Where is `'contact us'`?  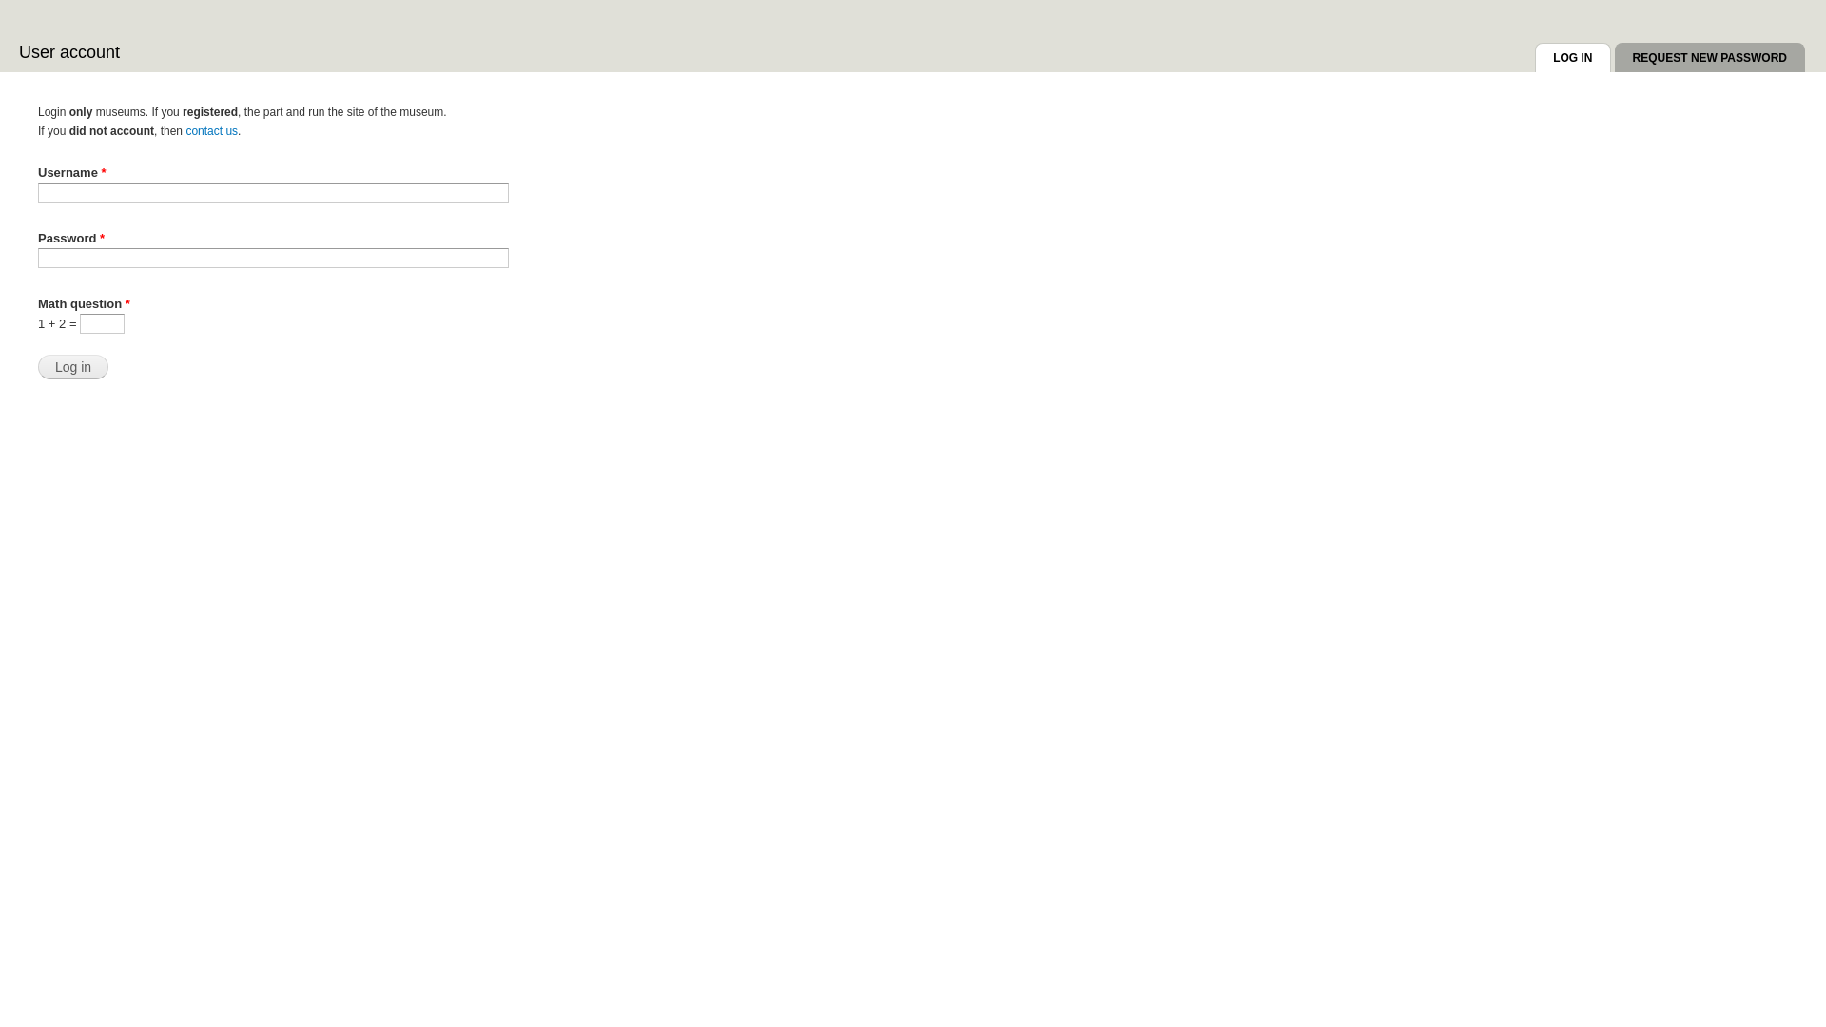 'contact us' is located at coordinates (185, 130).